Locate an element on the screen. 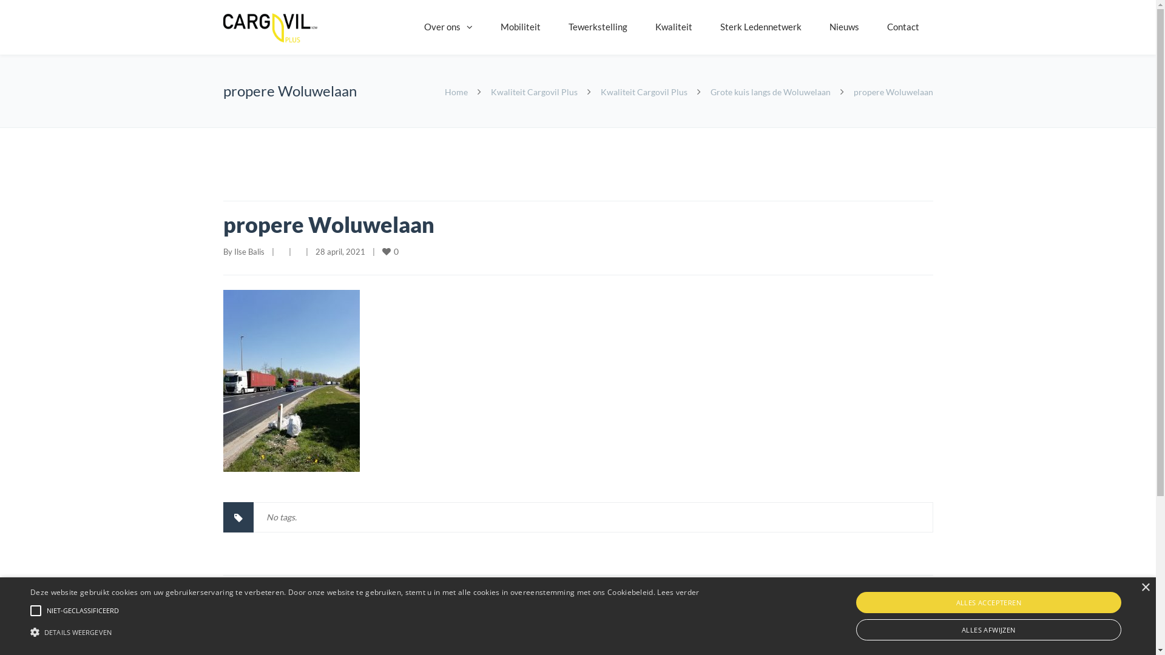  'Tewerkstelling' is located at coordinates (553, 27).